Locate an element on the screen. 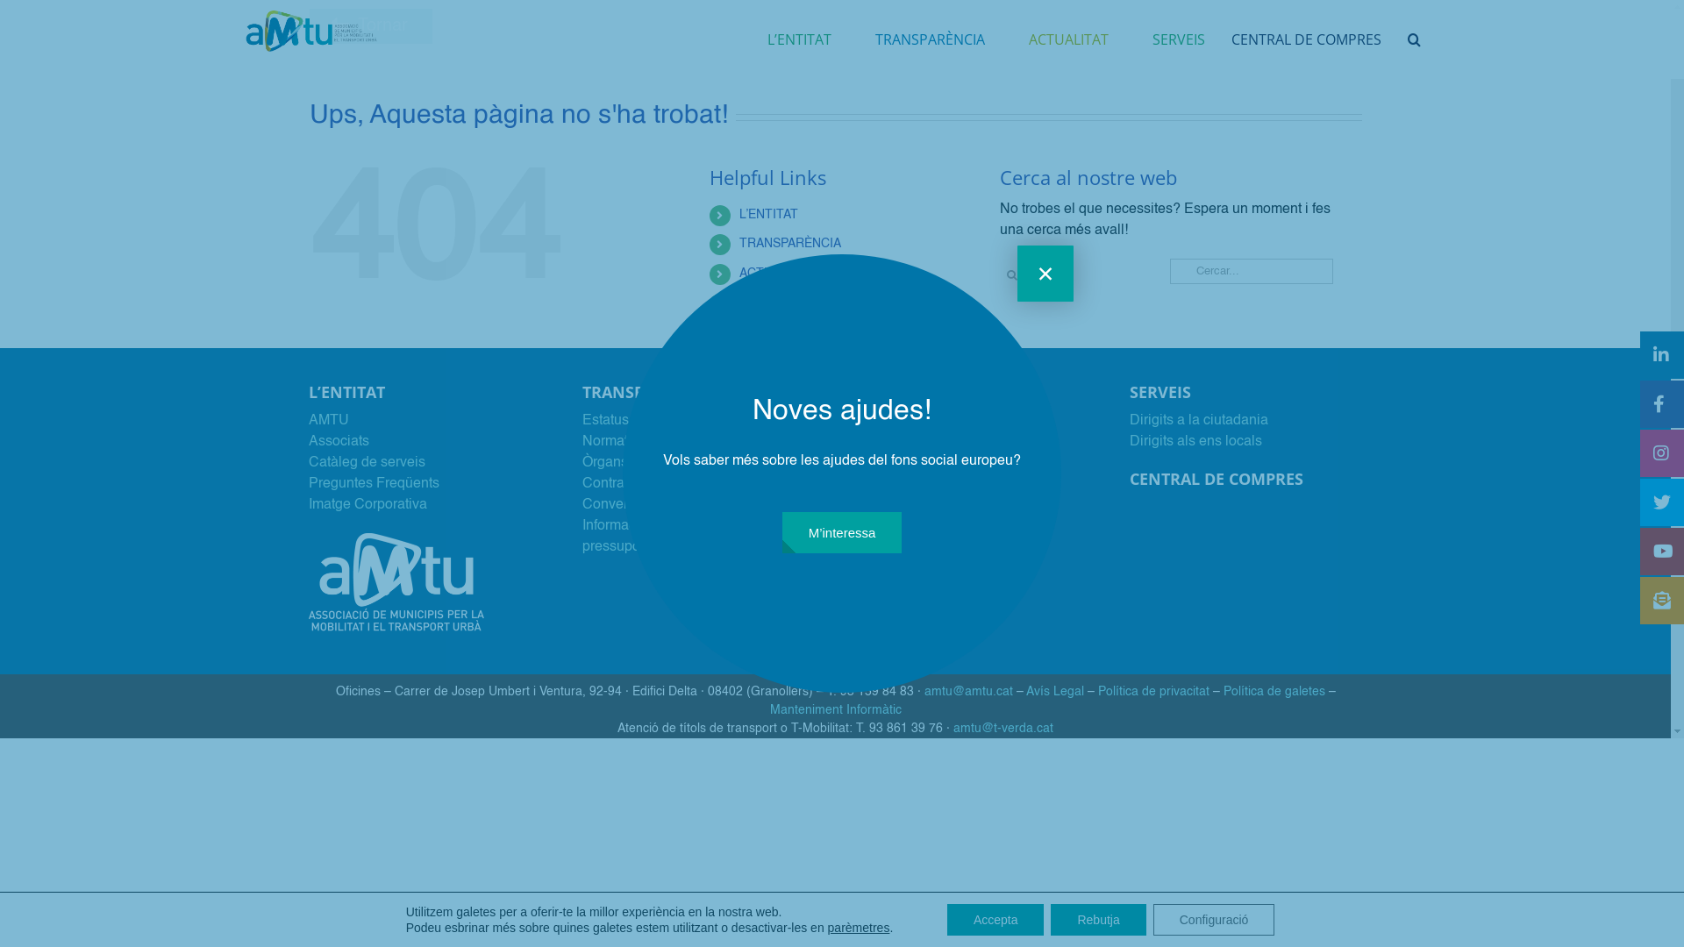 The image size is (1684, 947). 'Convenis' is located at coordinates (611, 504).